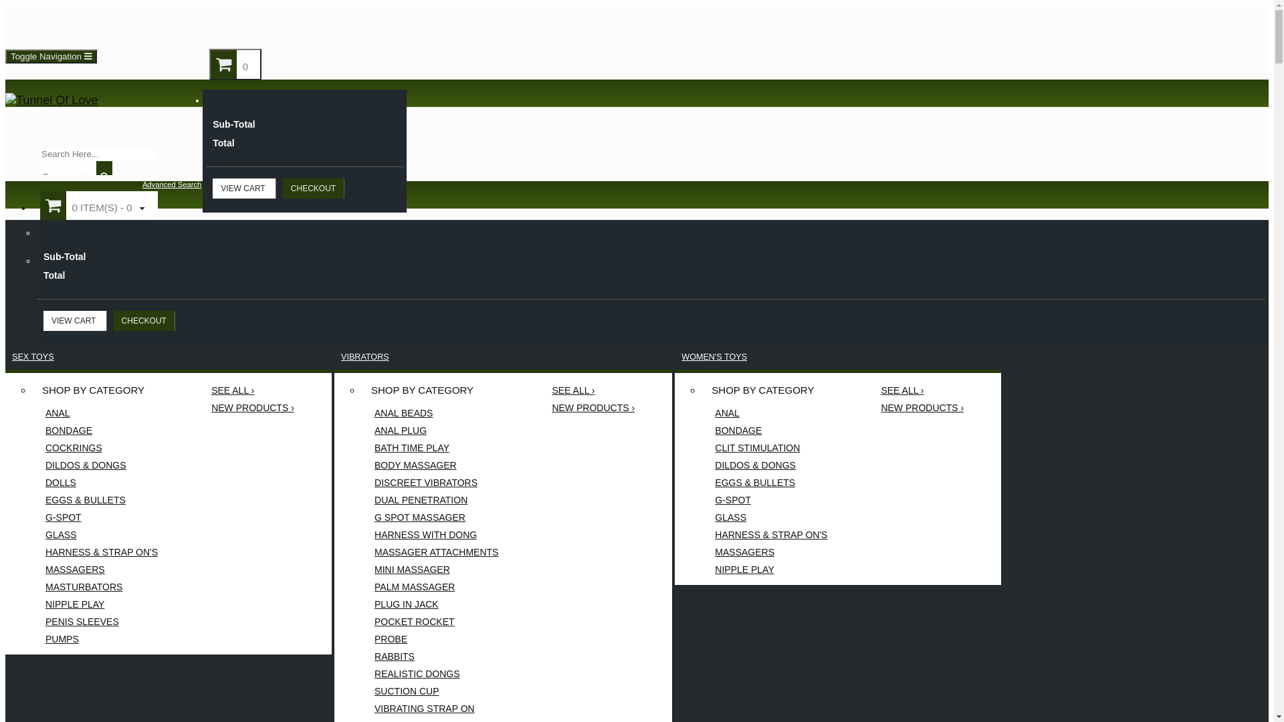 The height and width of the screenshot is (722, 1284). I want to click on 'DOLLS', so click(101, 482).